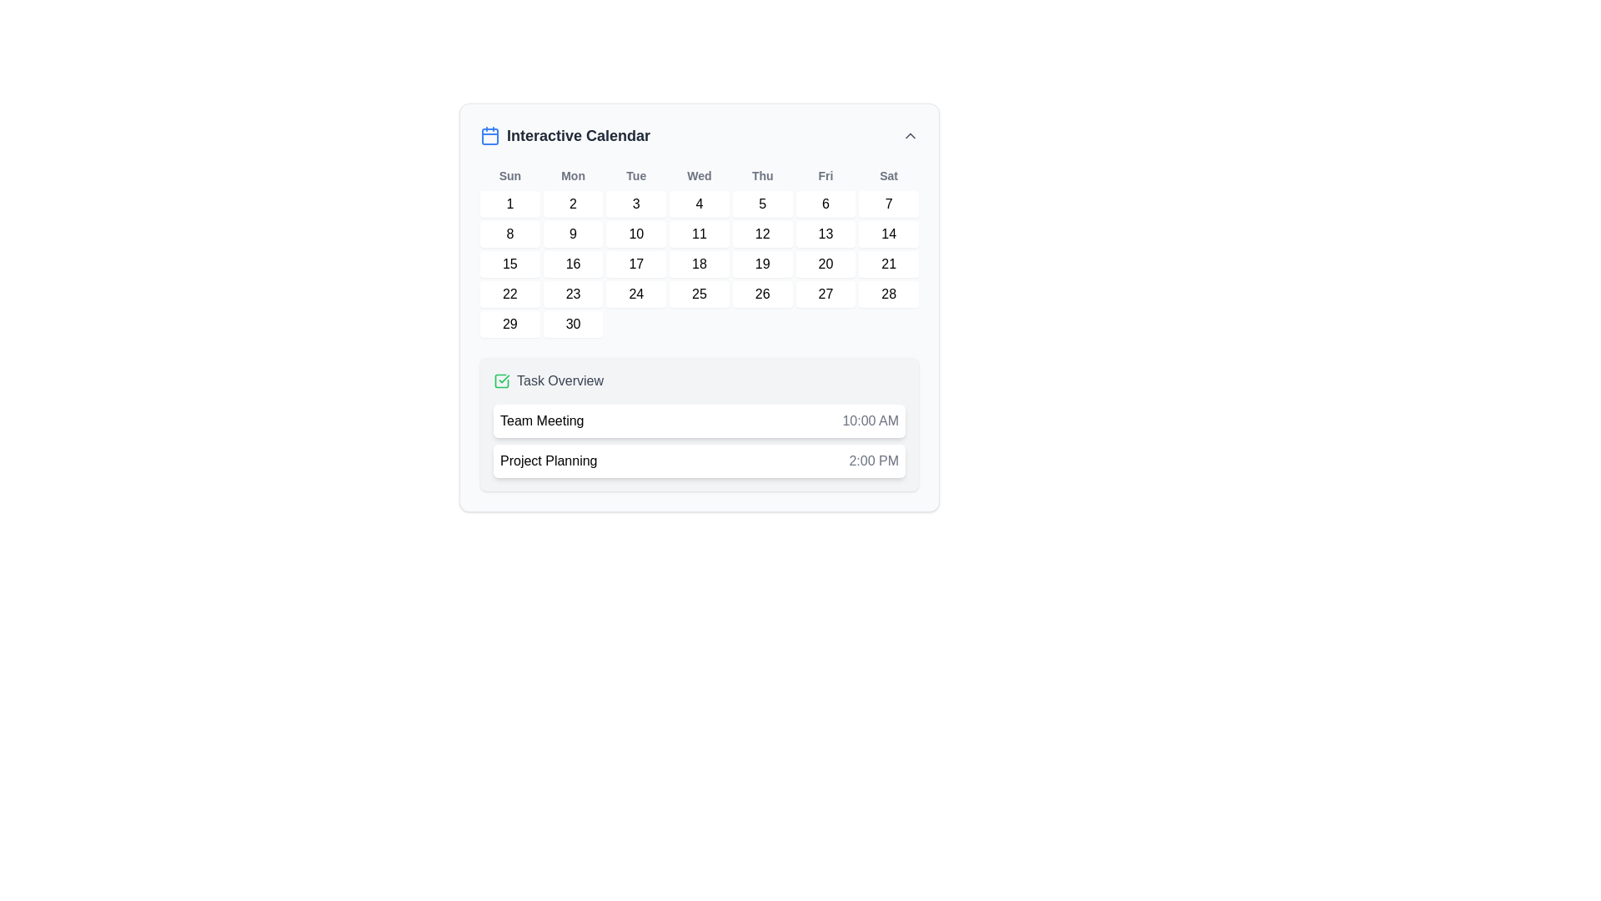 The image size is (1601, 901). What do you see at coordinates (870, 420) in the screenshot?
I see `the Text label displaying the scheduled time for the 'Team Meeting' event located in the 'Task Overview' panel of the interactive calendar interface` at bounding box center [870, 420].